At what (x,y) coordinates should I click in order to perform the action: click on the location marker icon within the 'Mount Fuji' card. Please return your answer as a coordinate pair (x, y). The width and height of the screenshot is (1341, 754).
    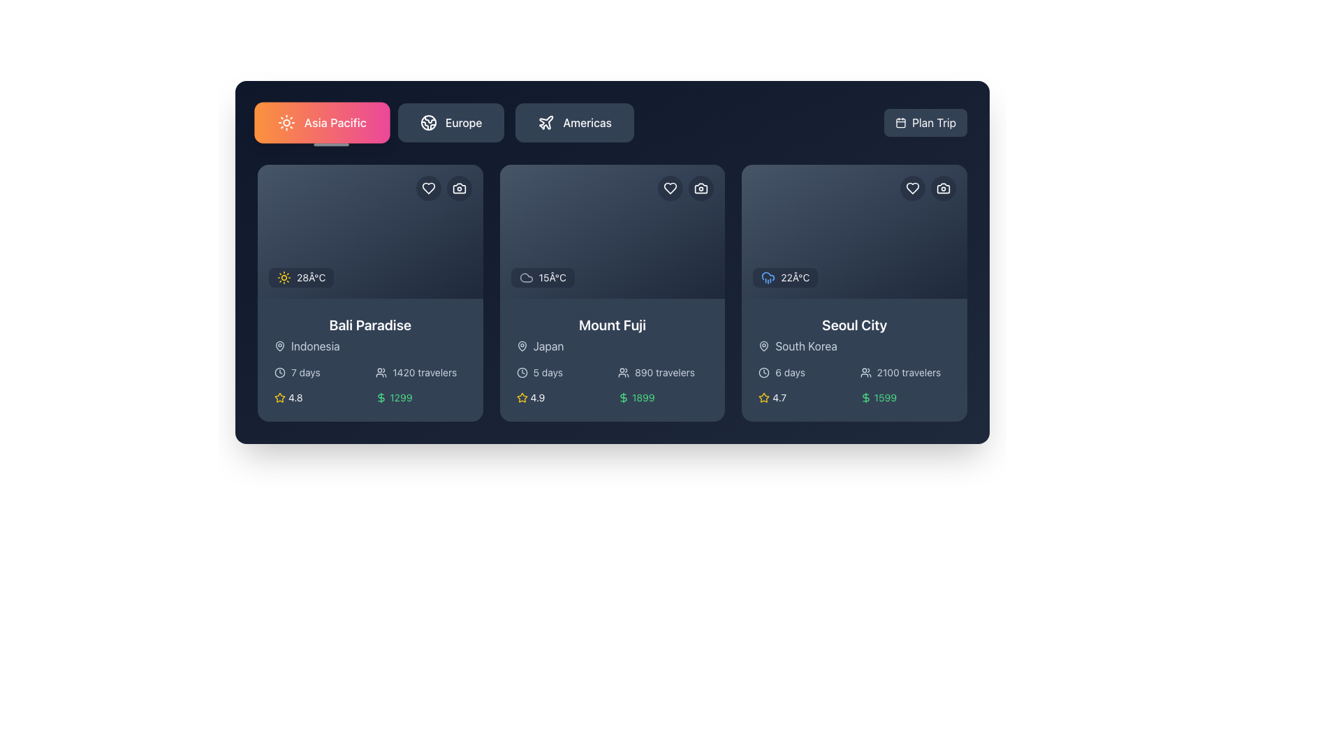
    Looking at the image, I should click on (521, 346).